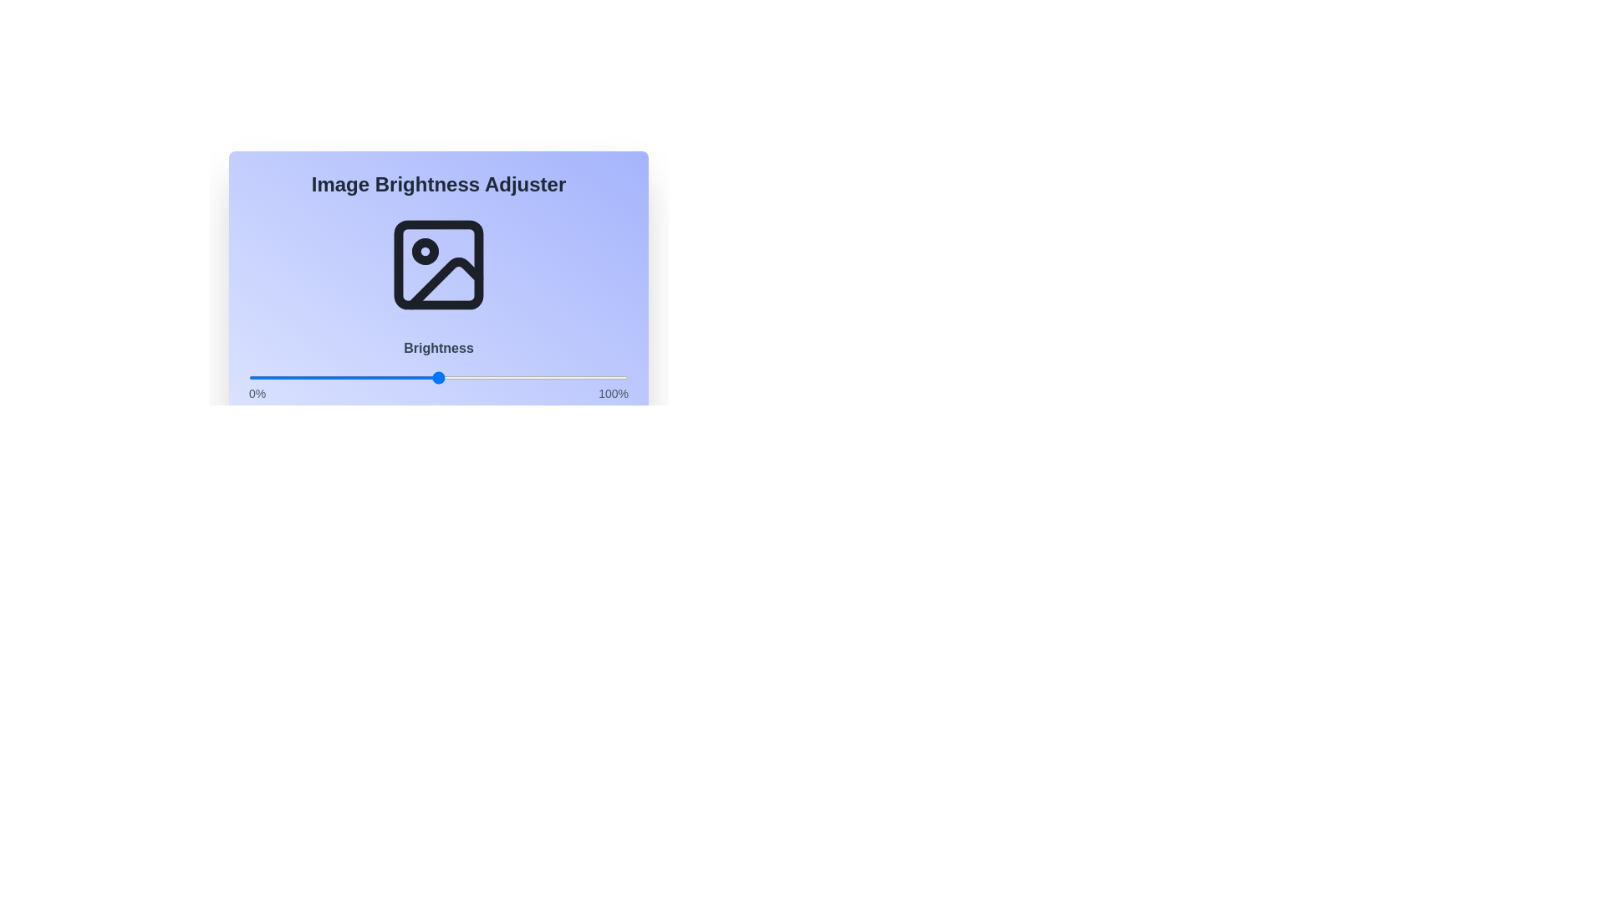 This screenshot has height=903, width=1605. What do you see at coordinates (556, 377) in the screenshot?
I see `the brightness slider to 81%` at bounding box center [556, 377].